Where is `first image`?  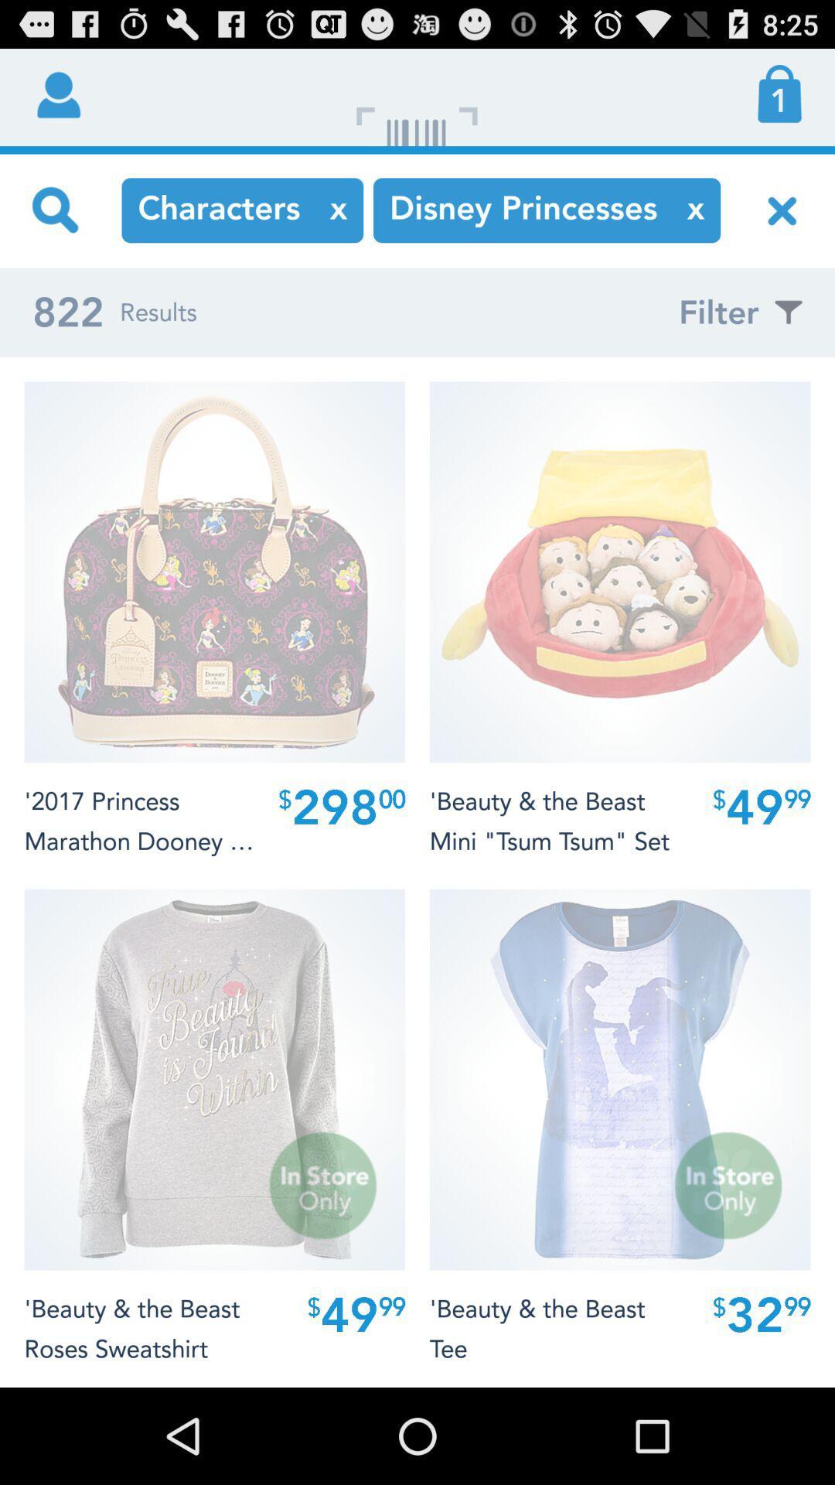
first image is located at coordinates (214, 571).